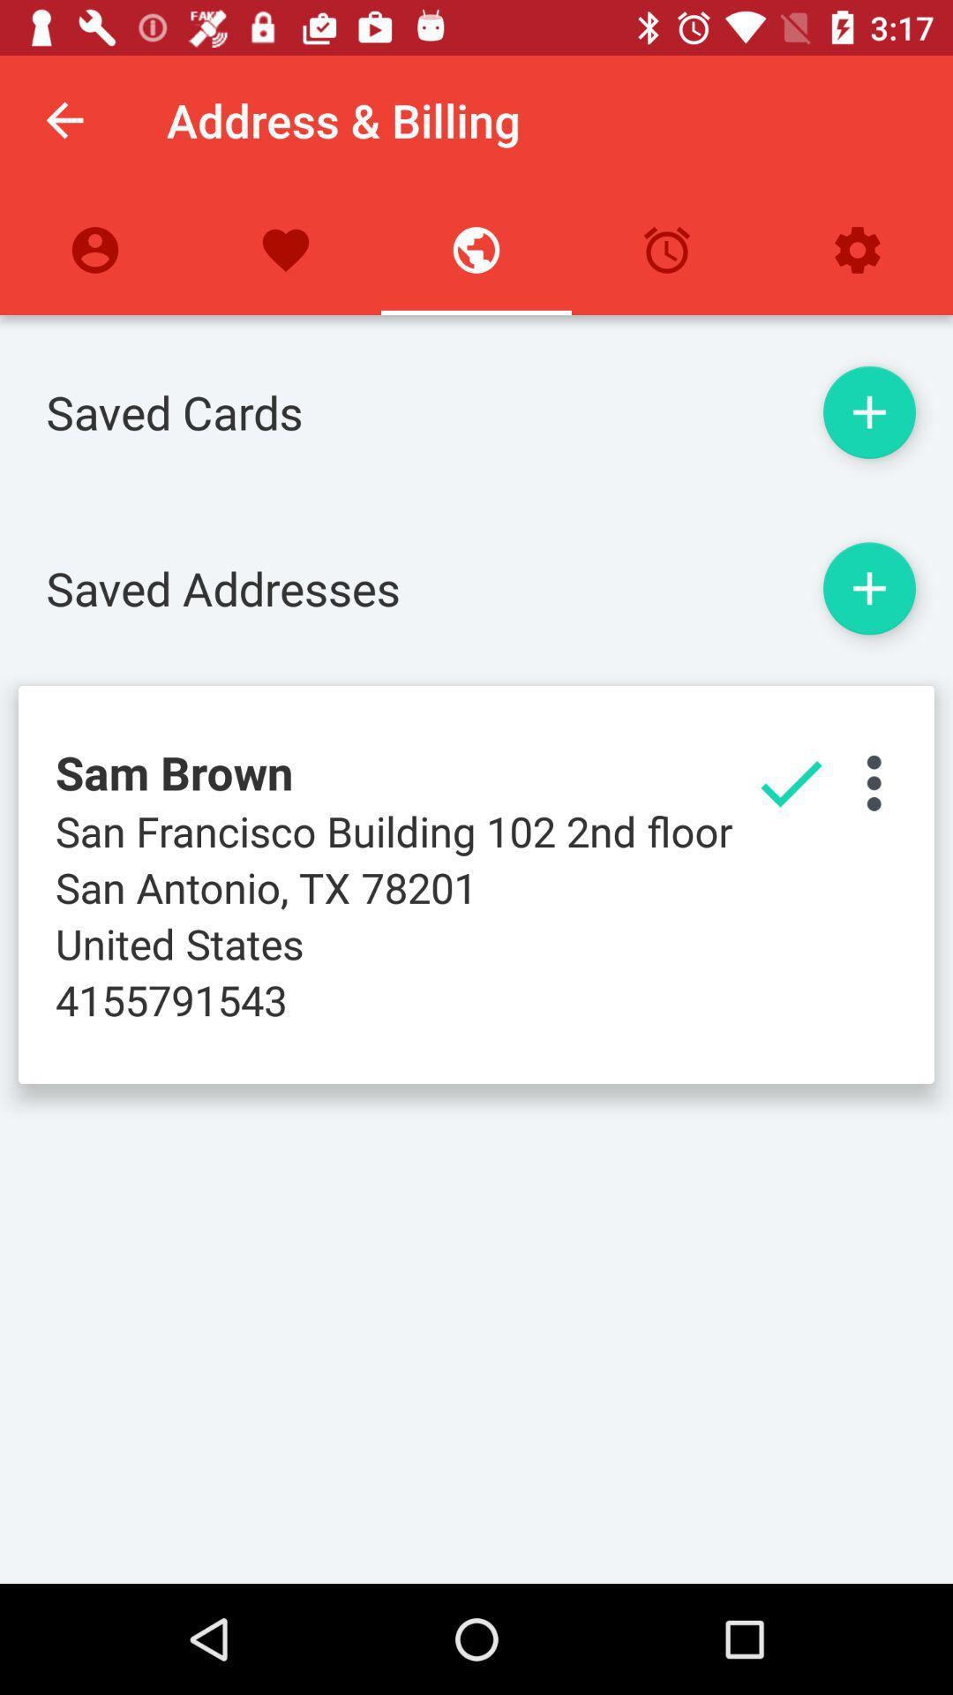  Describe the element at coordinates (868, 411) in the screenshot. I see `payment method` at that location.